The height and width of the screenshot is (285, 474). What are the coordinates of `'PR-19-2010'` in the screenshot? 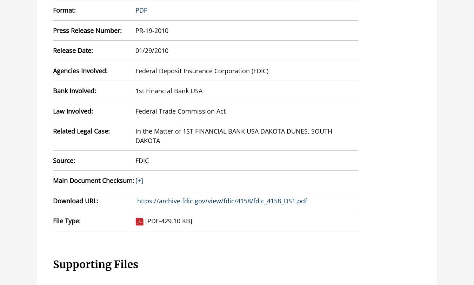 It's located at (151, 30).